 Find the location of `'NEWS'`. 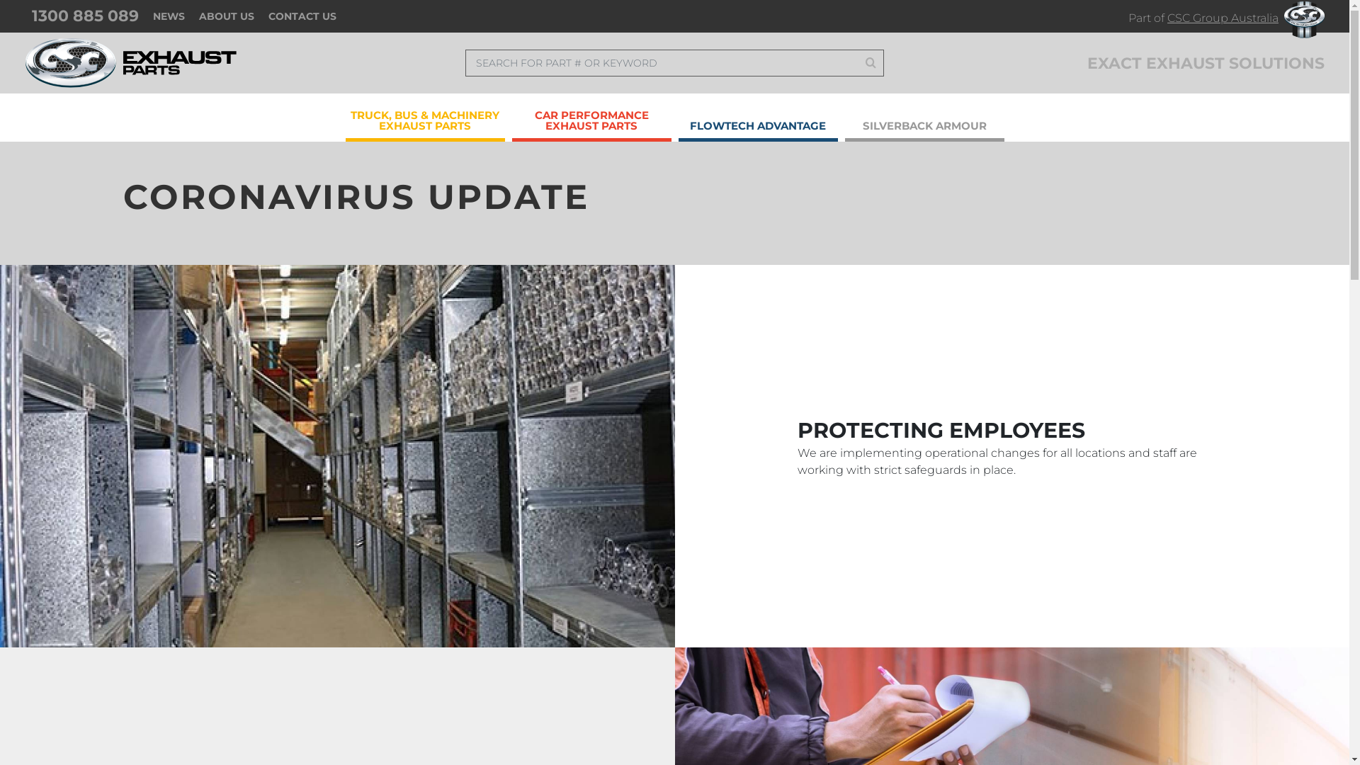

'NEWS' is located at coordinates (169, 16).